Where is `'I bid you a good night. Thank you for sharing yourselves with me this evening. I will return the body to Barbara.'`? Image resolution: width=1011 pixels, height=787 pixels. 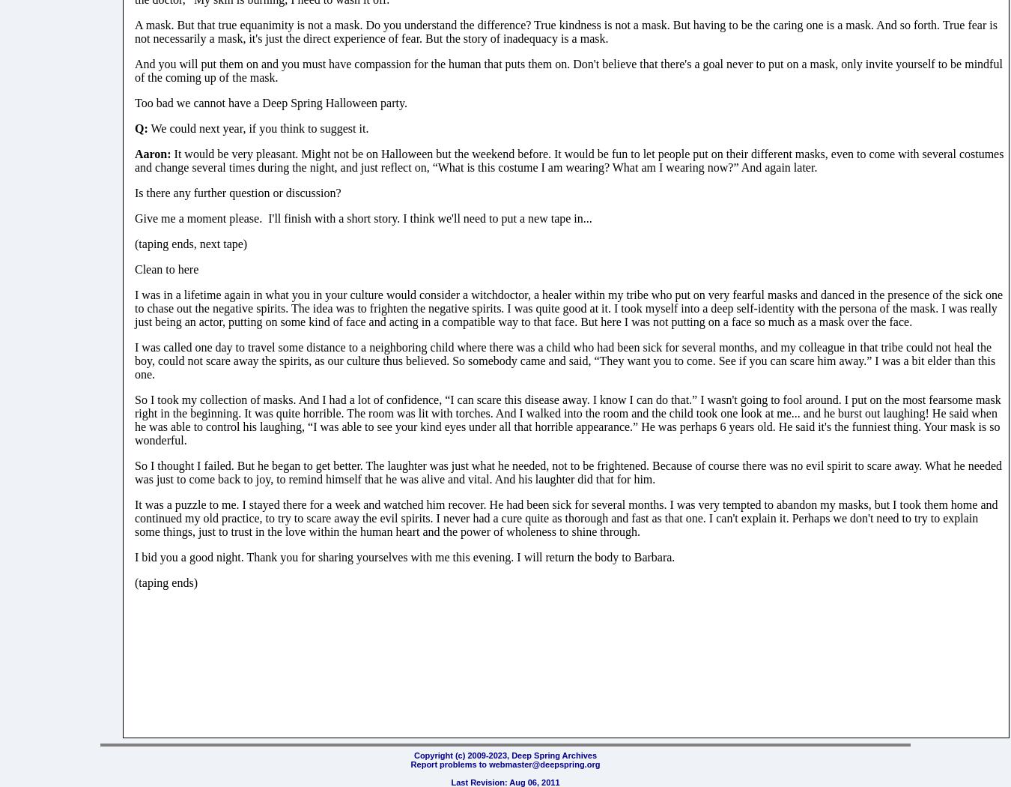
'I bid you a good night. Thank you for sharing yourselves with me this evening. I will return the body to Barbara.' is located at coordinates (134, 555).